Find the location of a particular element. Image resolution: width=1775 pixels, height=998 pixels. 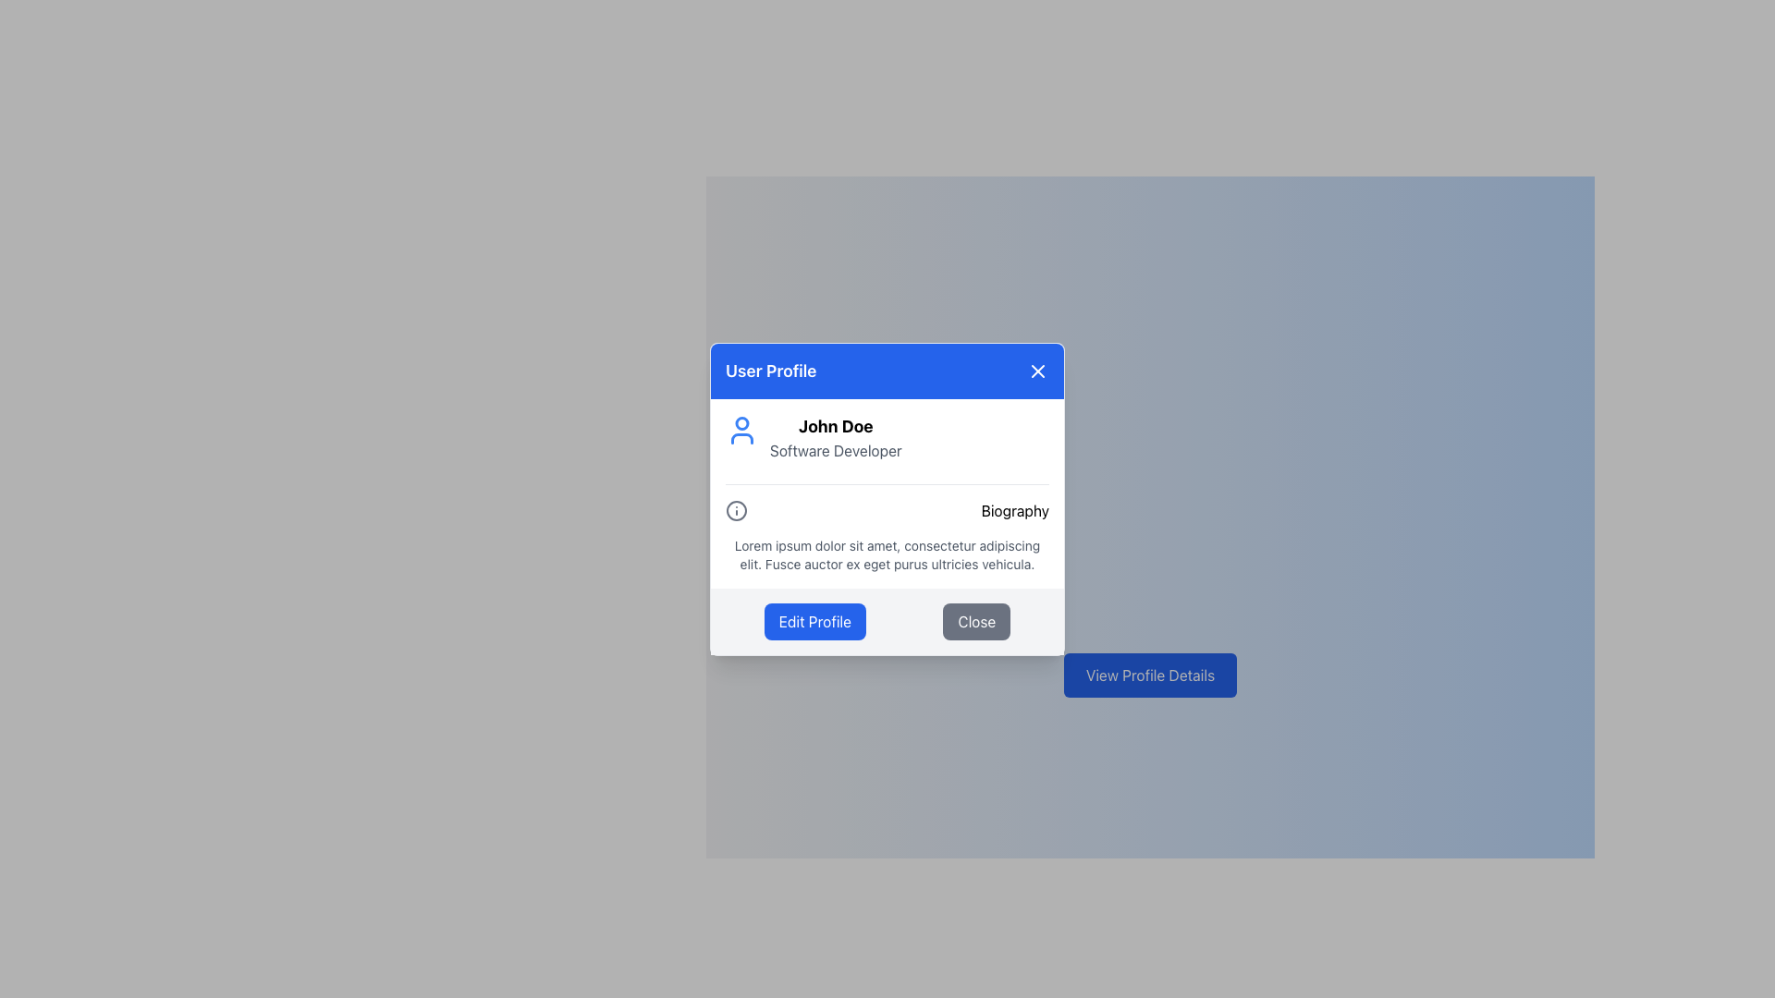

the graphical decorative element located at the upper region of the user icon, which represents the head in an avatar representation is located at coordinates (741, 423).